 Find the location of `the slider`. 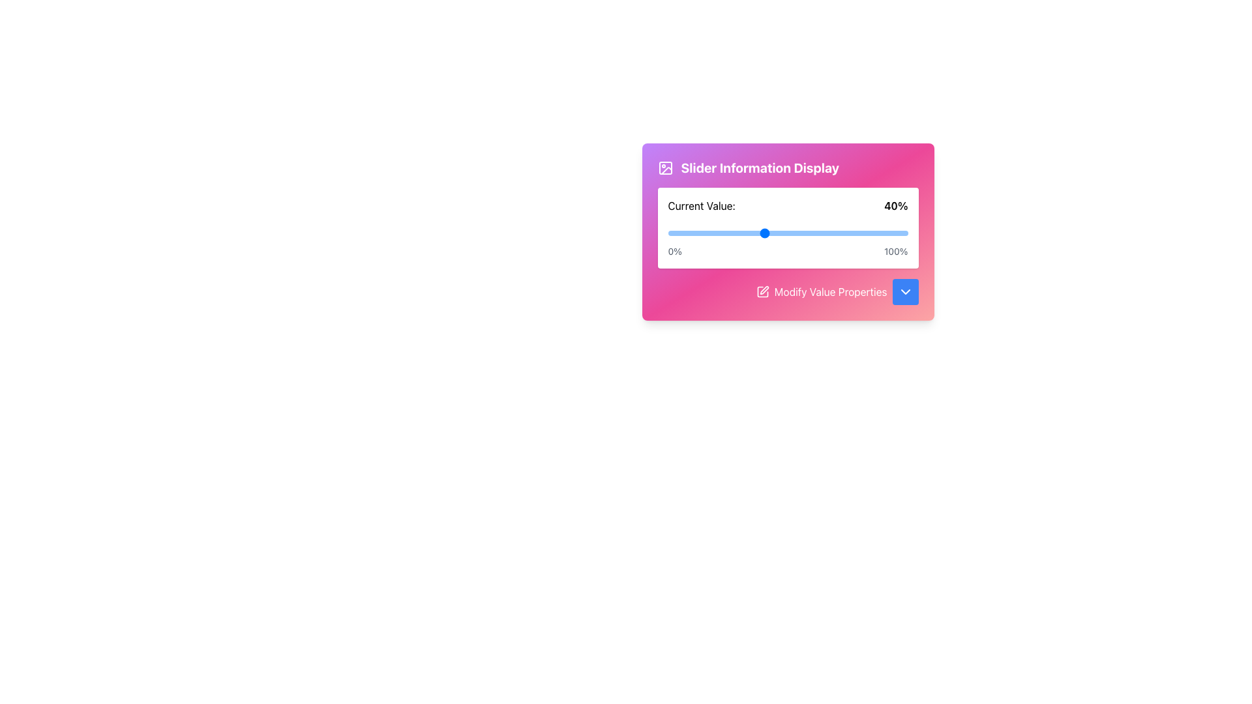

the slider is located at coordinates (895, 233).